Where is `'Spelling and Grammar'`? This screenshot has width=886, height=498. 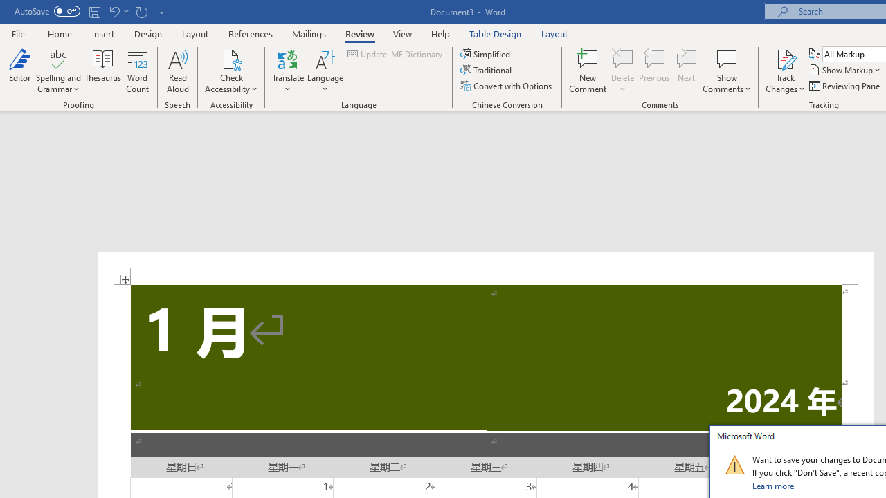 'Spelling and Grammar' is located at coordinates (58, 58).